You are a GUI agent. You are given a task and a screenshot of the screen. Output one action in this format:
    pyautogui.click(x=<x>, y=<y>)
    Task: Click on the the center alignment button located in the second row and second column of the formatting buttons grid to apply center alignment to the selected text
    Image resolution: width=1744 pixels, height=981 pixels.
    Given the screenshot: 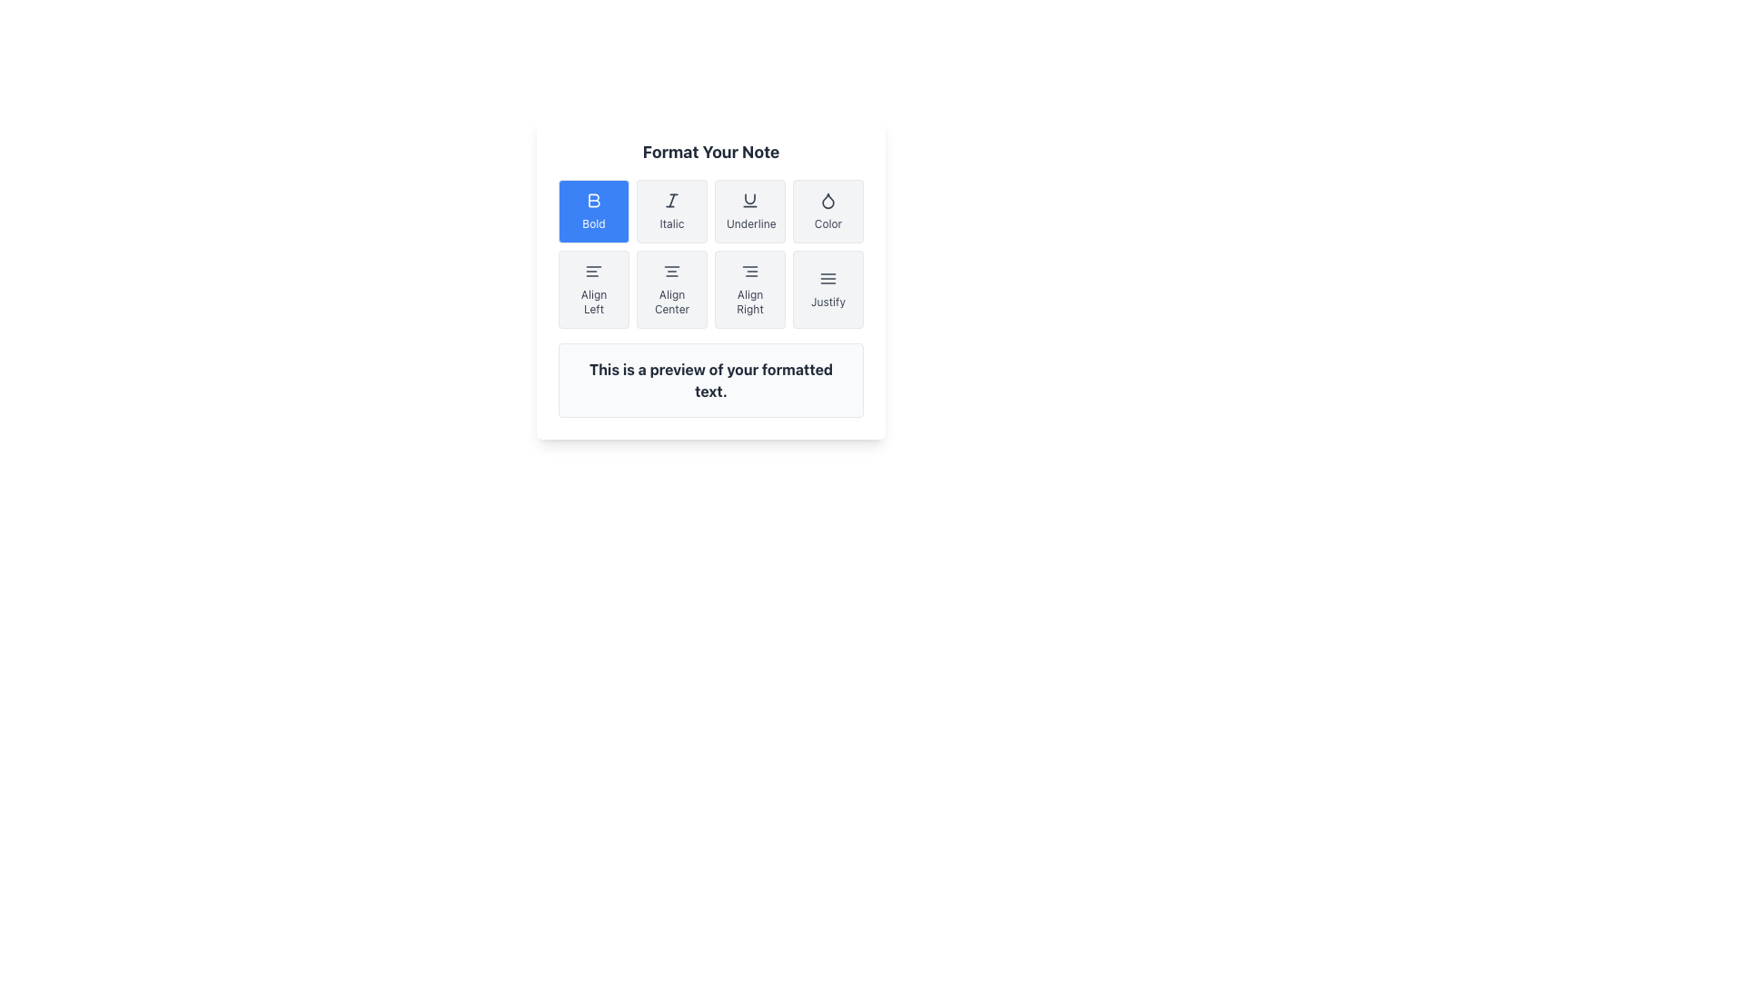 What is the action you would take?
    pyautogui.click(x=670, y=289)
    